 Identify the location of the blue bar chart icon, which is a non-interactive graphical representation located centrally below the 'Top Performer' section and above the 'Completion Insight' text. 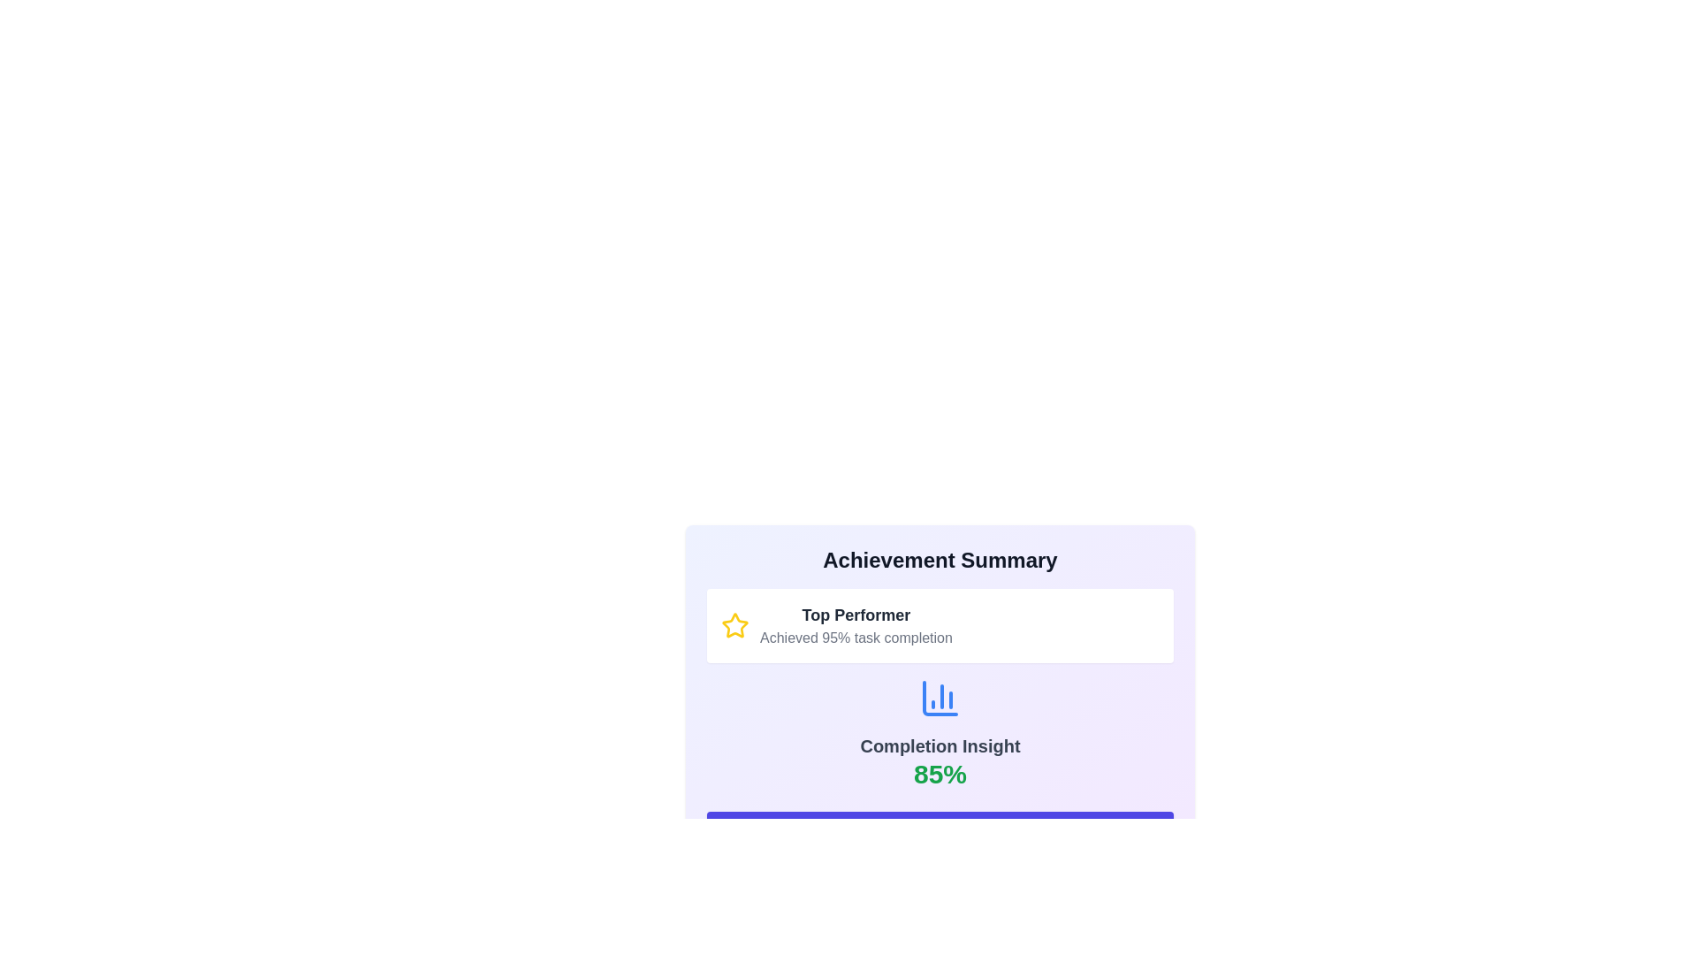
(940, 698).